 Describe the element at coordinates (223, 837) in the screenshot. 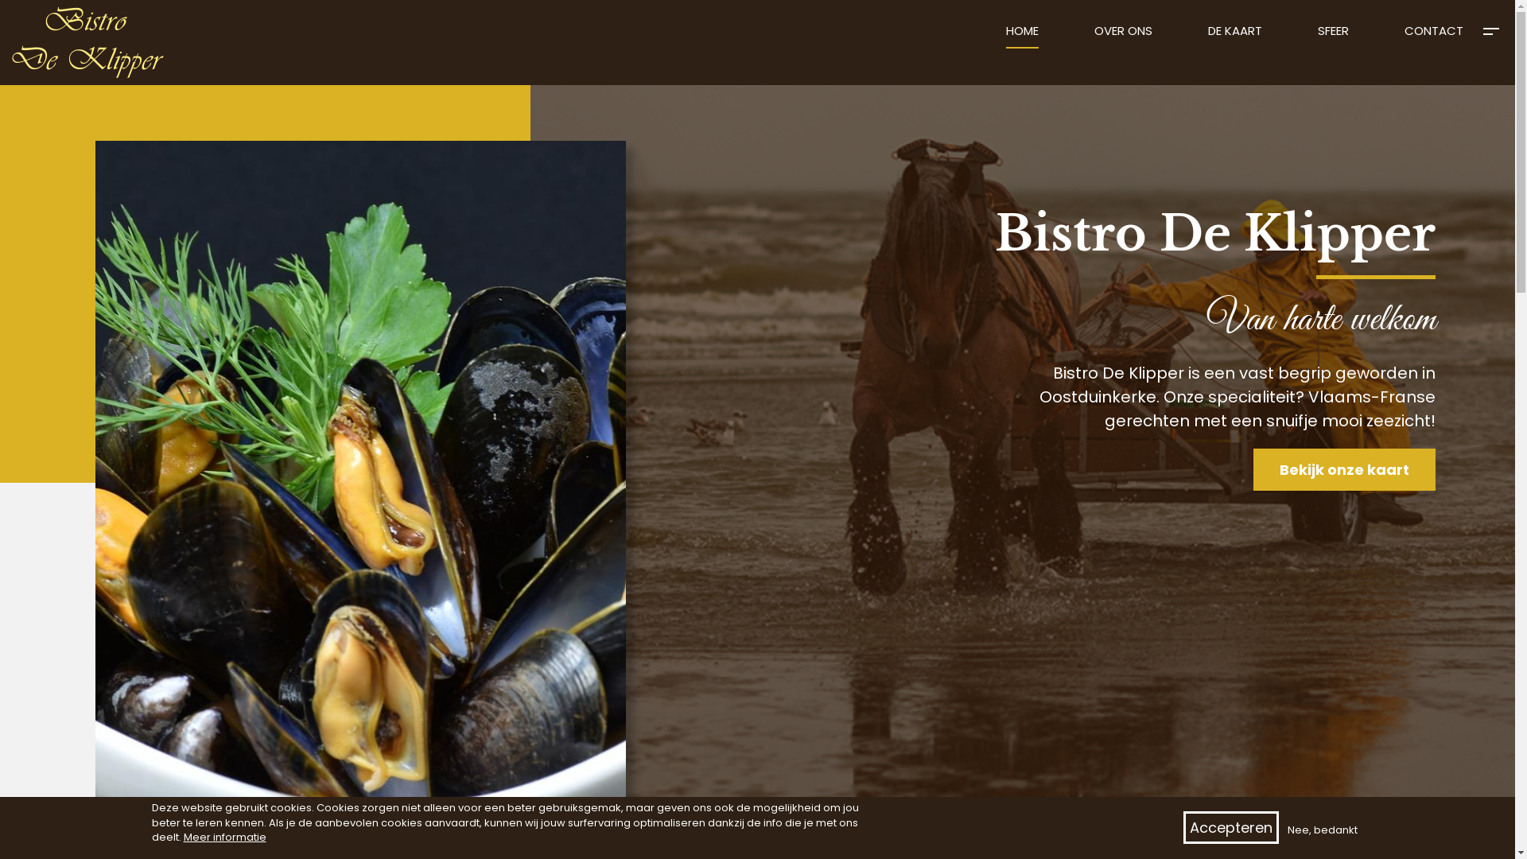

I see `'Meer informatie'` at that location.